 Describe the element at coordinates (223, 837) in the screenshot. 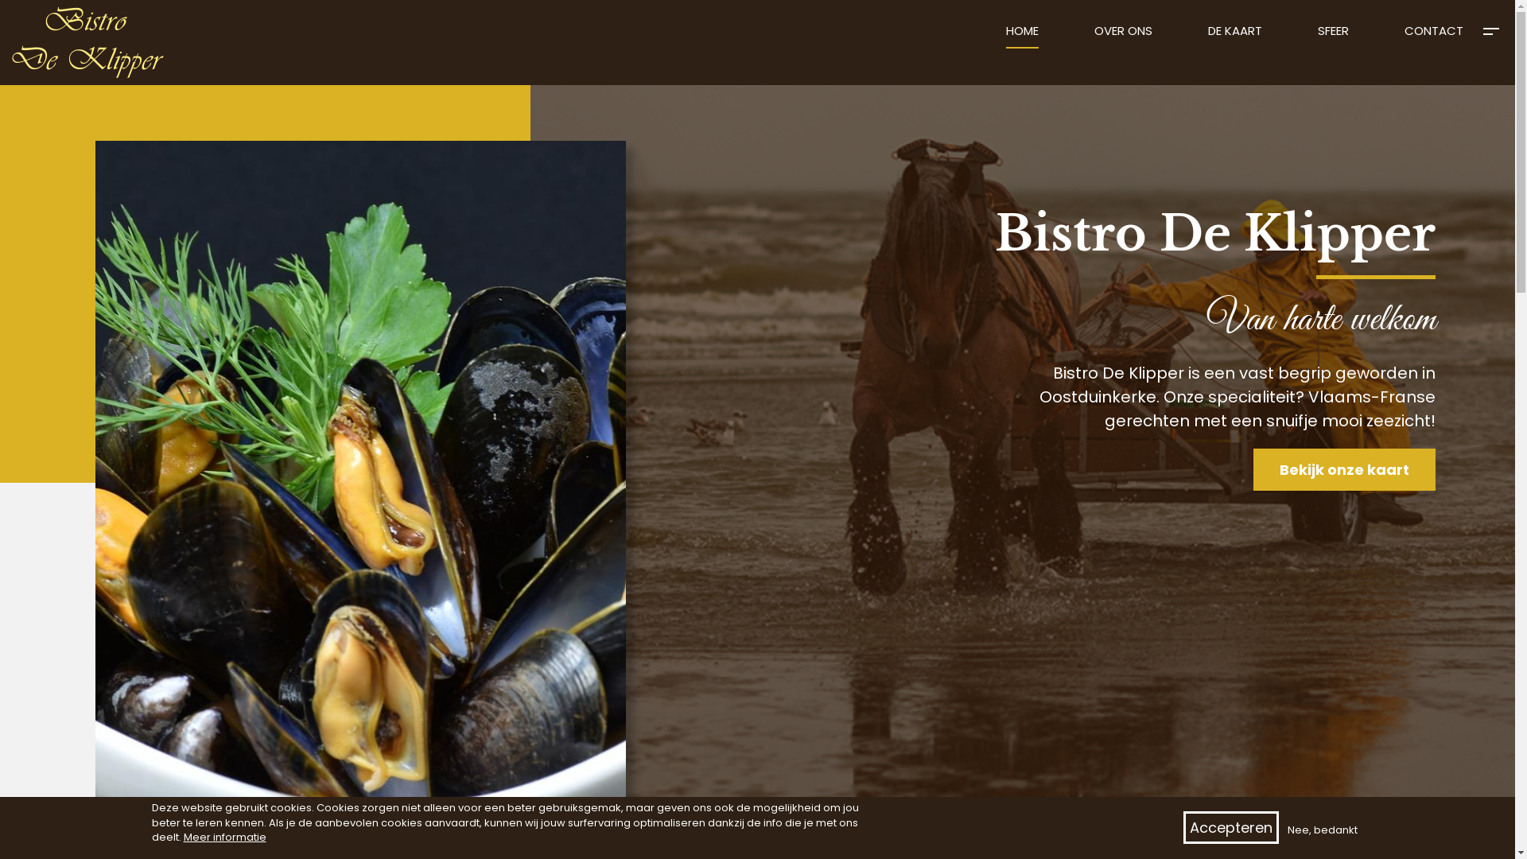

I see `'Meer informatie'` at that location.